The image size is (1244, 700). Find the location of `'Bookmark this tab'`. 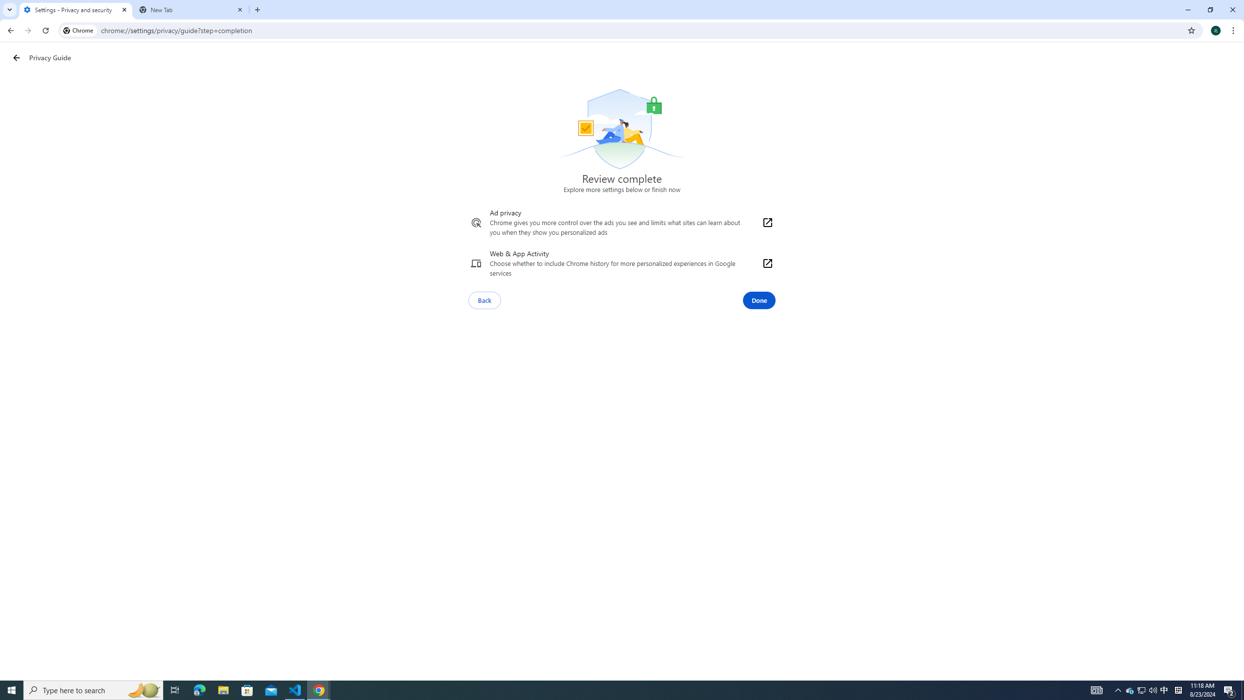

'Bookmark this tab' is located at coordinates (1191, 30).